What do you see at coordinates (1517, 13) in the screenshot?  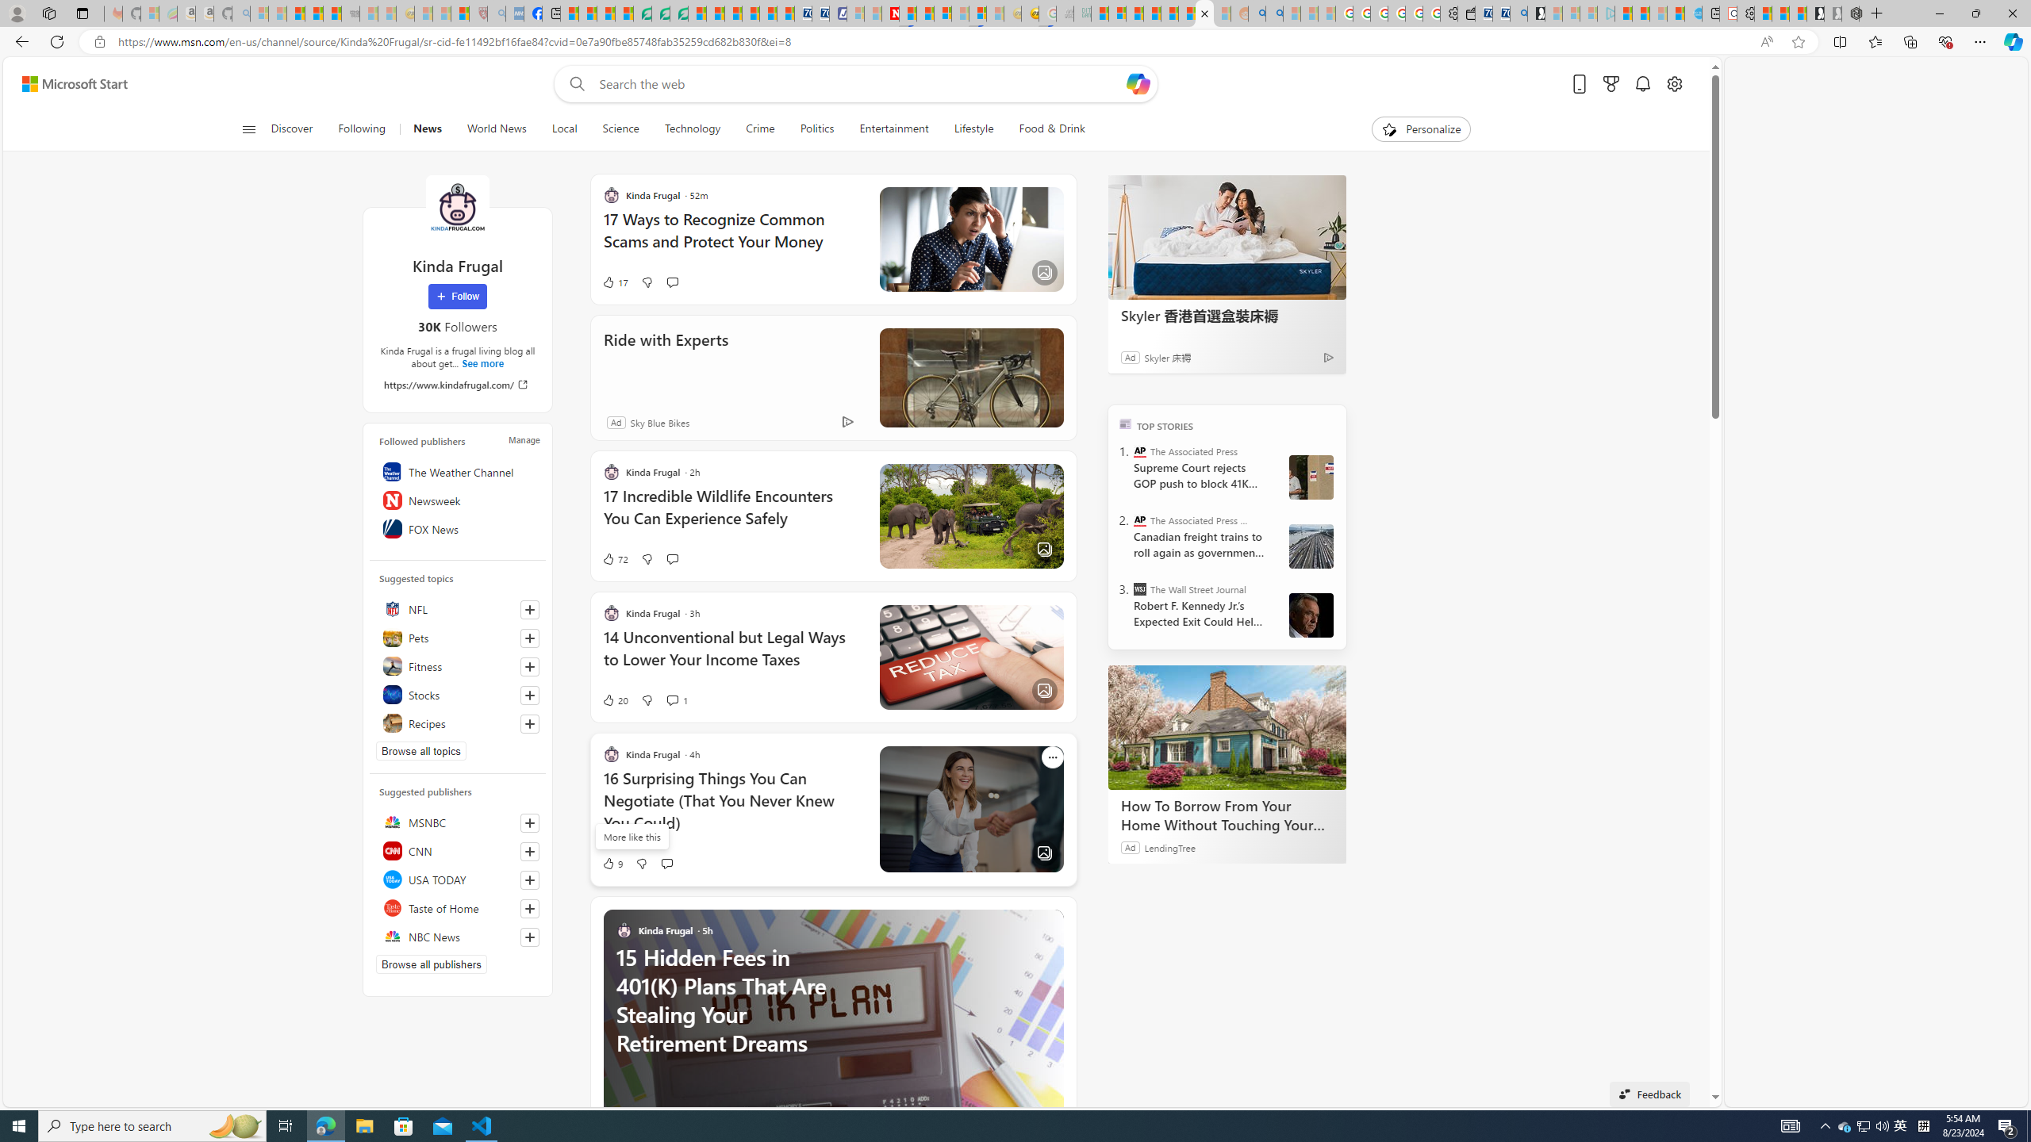 I see `'Bing Real Estate - Home sales and rental listings'` at bounding box center [1517, 13].